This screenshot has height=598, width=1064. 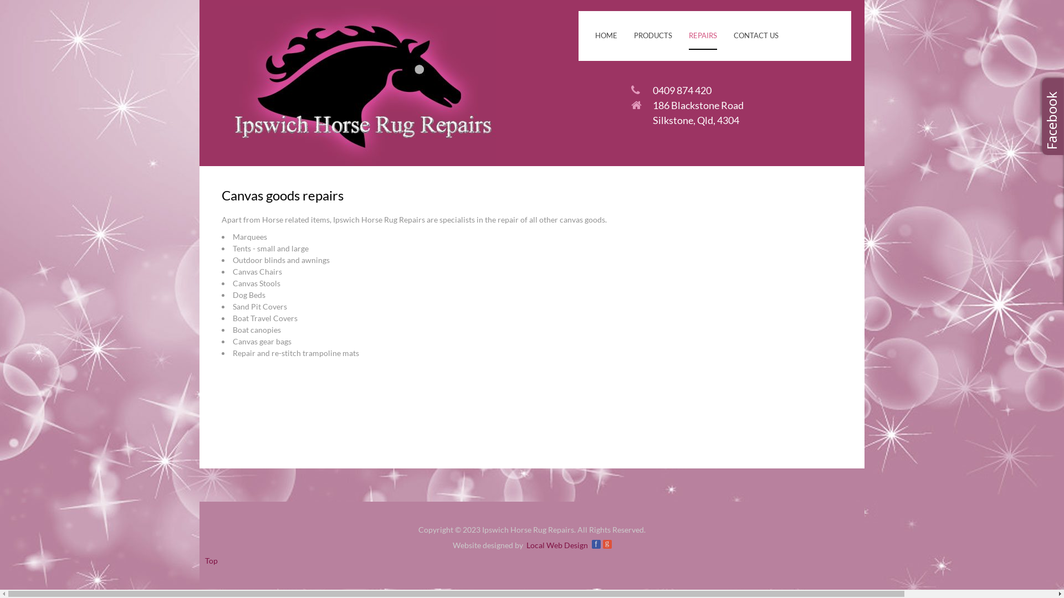 What do you see at coordinates (595, 544) in the screenshot?
I see `'f'` at bounding box center [595, 544].